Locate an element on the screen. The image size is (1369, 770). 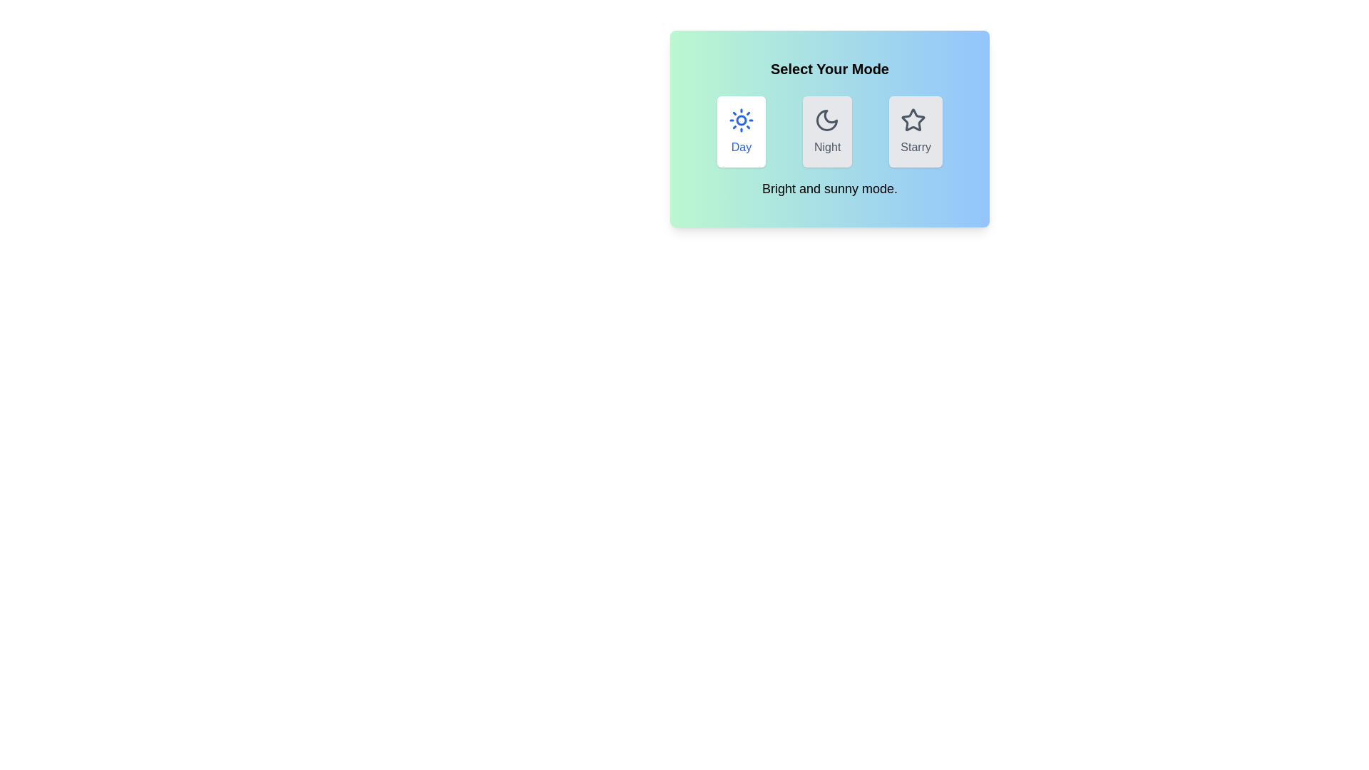
the mode by clicking on the button labeled Starry is located at coordinates (916, 132).